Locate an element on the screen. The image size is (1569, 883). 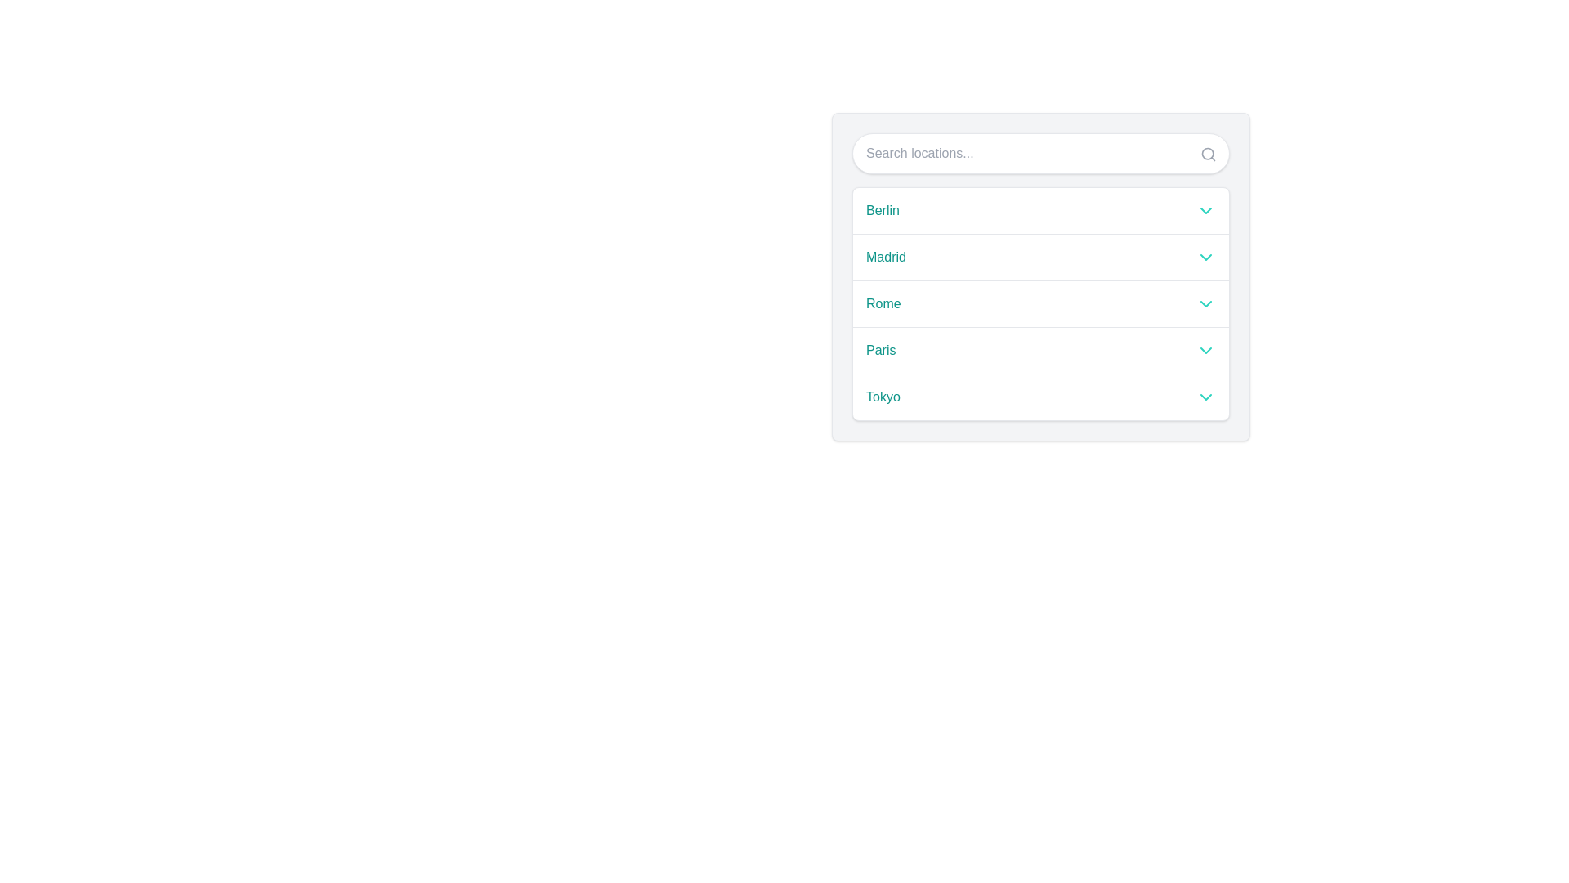
the search icon located at the top-right of the search bar, which serves as a button to execute a search operation is located at coordinates (1208, 155).